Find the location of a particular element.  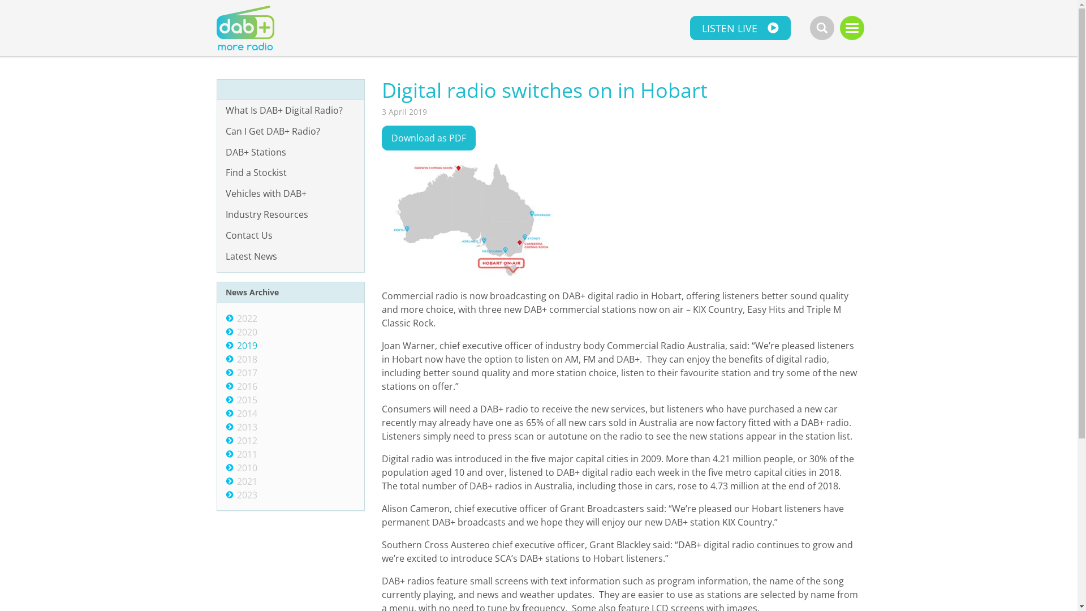

'Contact Us' is located at coordinates (291, 235).